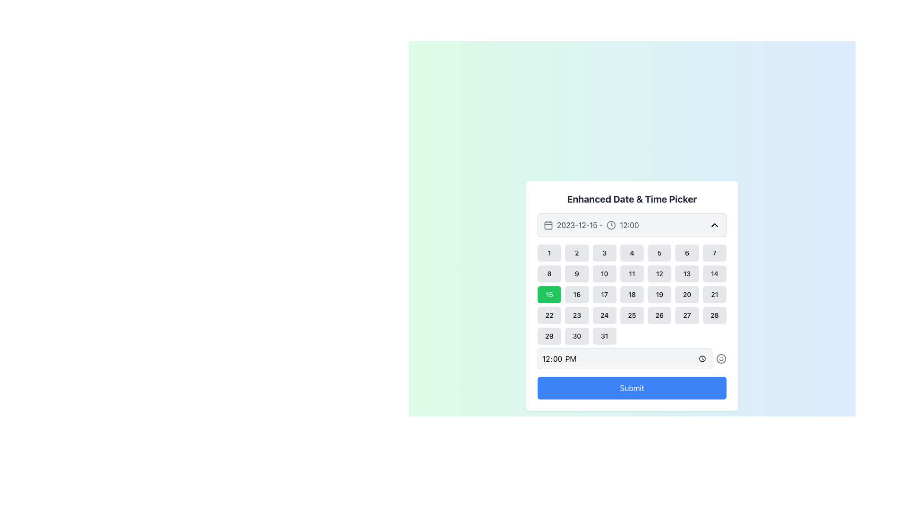  What do you see at coordinates (687, 253) in the screenshot?
I see `the button labeled '6' in the grid calendar layout` at bounding box center [687, 253].